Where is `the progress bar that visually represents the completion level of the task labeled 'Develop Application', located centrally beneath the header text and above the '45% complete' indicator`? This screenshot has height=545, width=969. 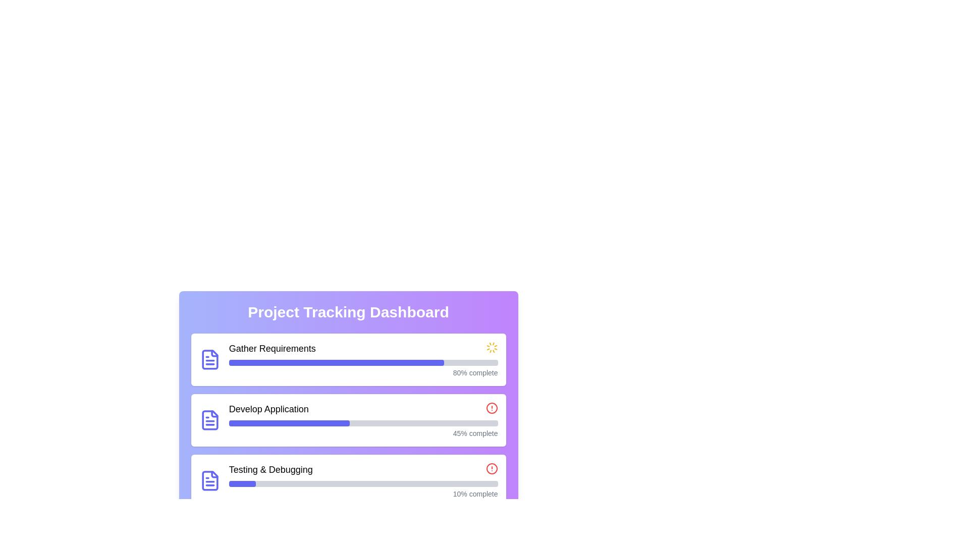
the progress bar that visually represents the completion level of the task labeled 'Develop Application', located centrally beneath the header text and above the '45% complete' indicator is located at coordinates (363, 420).